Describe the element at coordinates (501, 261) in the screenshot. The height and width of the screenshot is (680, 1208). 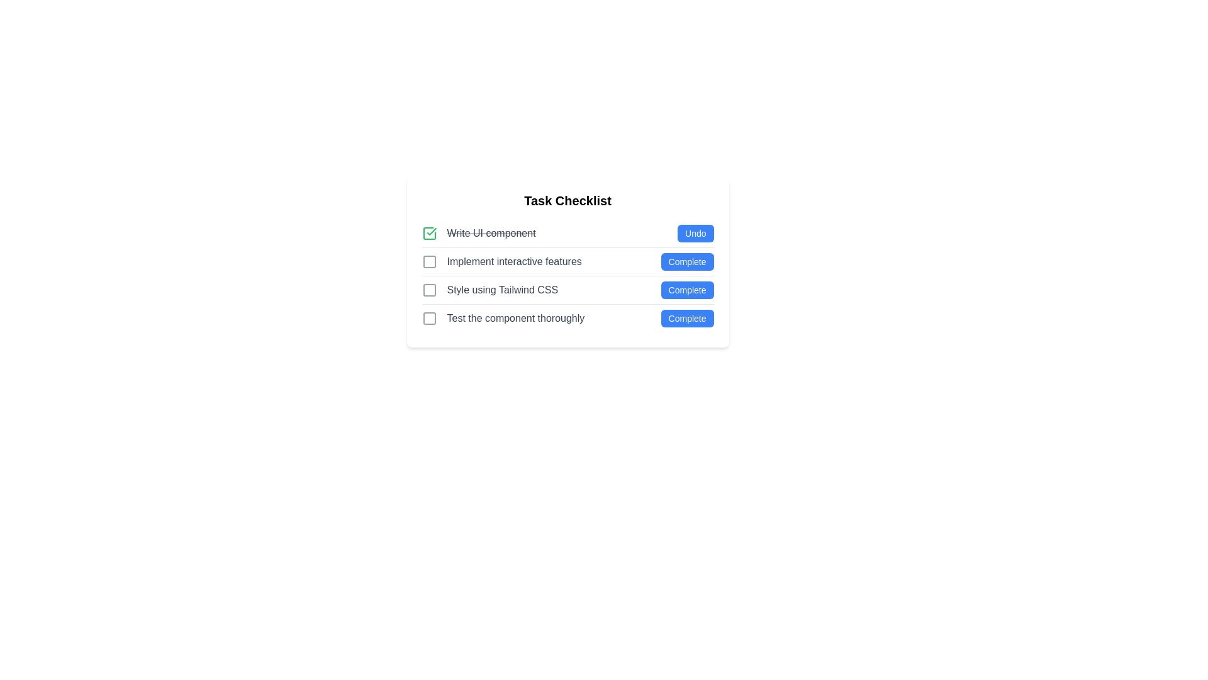
I see `the checkbox associated with the checklist item labeled 'Implement interactive features' to mark it as done` at that location.